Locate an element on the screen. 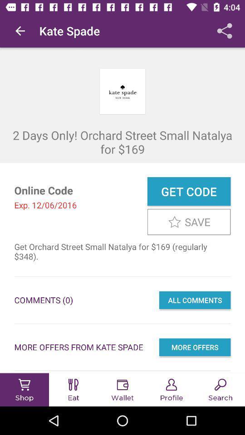  the item above the more offers is located at coordinates (194, 300).